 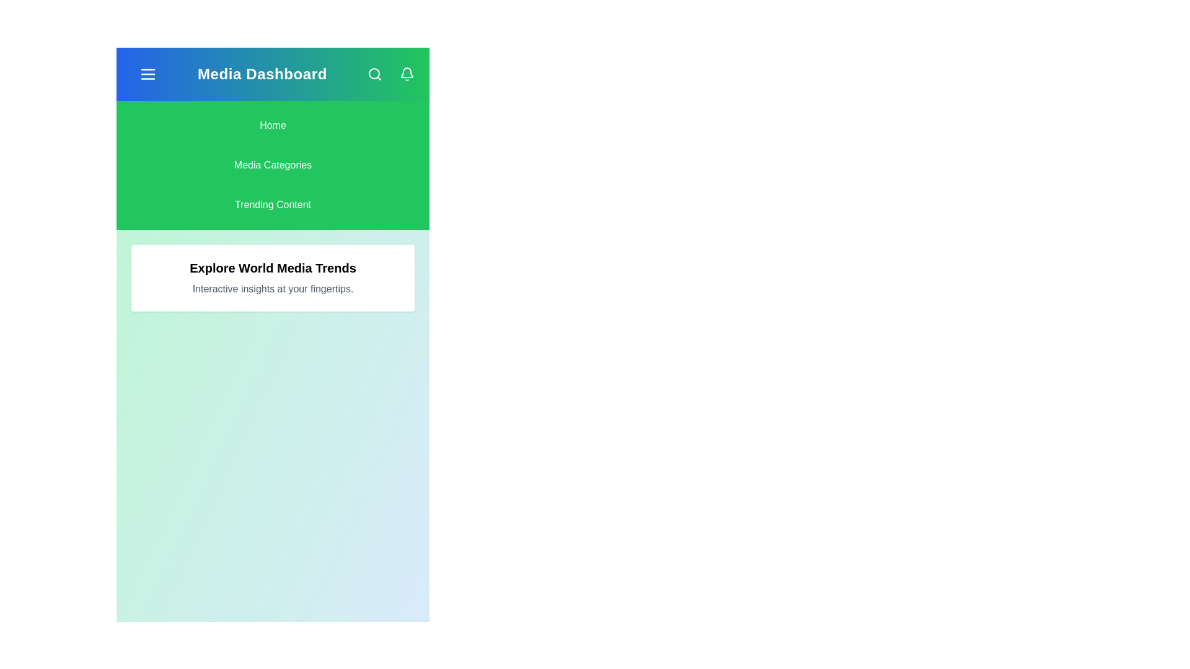 What do you see at coordinates (148, 74) in the screenshot?
I see `the navigation menu toggle button` at bounding box center [148, 74].